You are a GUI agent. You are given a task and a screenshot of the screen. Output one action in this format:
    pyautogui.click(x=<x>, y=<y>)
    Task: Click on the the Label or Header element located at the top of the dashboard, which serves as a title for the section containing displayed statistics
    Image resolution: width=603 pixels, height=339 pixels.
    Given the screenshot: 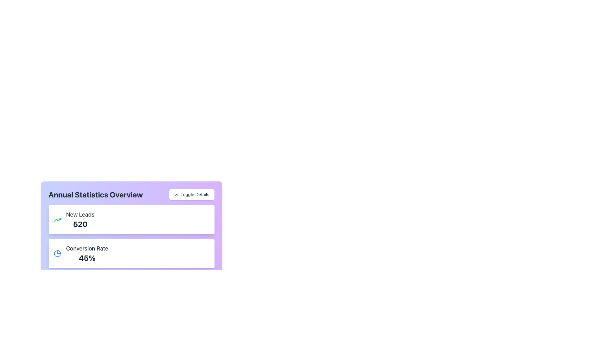 What is the action you would take?
    pyautogui.click(x=95, y=194)
    